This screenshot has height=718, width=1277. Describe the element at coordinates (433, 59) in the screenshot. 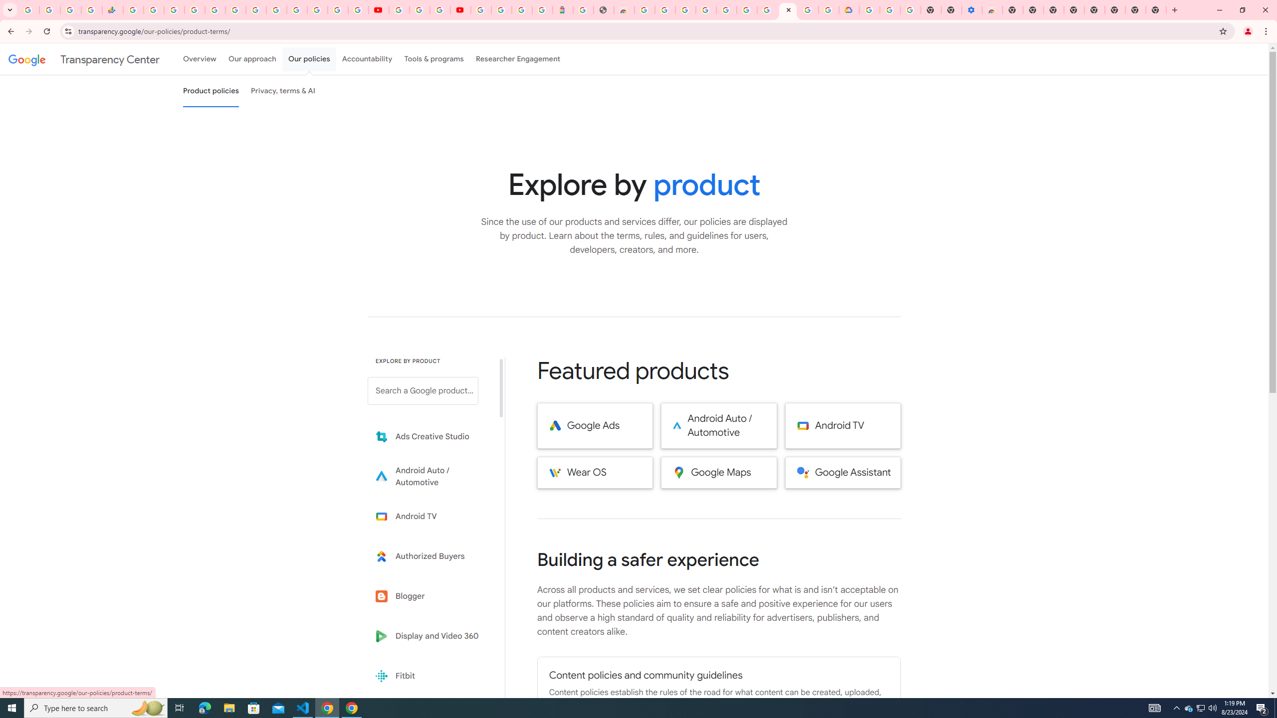

I see `'Tools & programs'` at that location.